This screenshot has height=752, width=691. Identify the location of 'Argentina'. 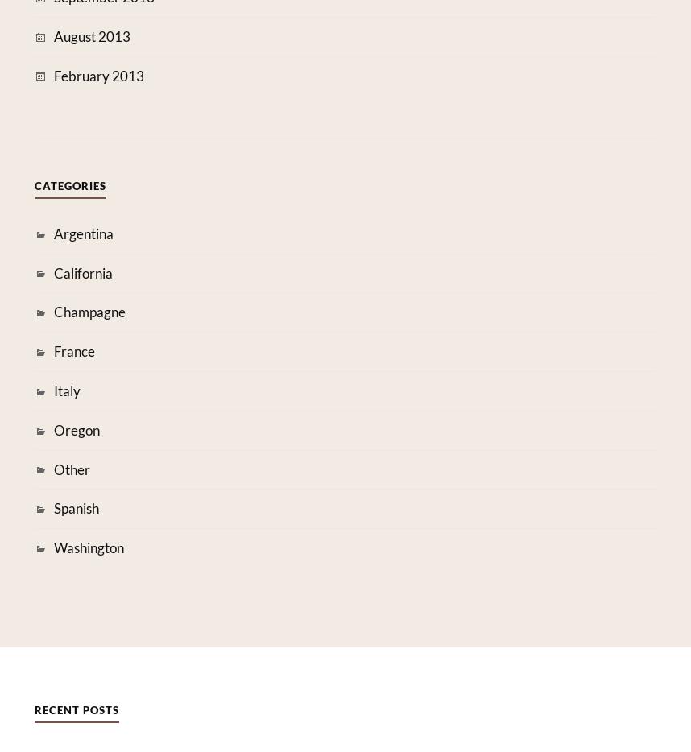
(52, 232).